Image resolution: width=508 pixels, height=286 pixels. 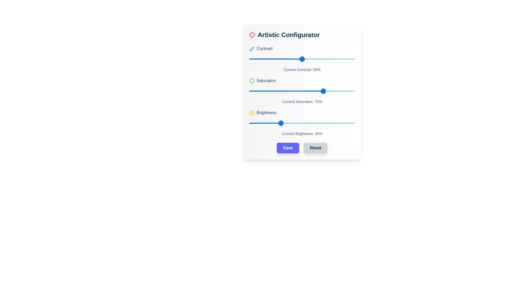 I want to click on the saturation level descriptor label, which is located immediately to the right of a green circle icon, to trigger potential tooltips, so click(x=266, y=81).